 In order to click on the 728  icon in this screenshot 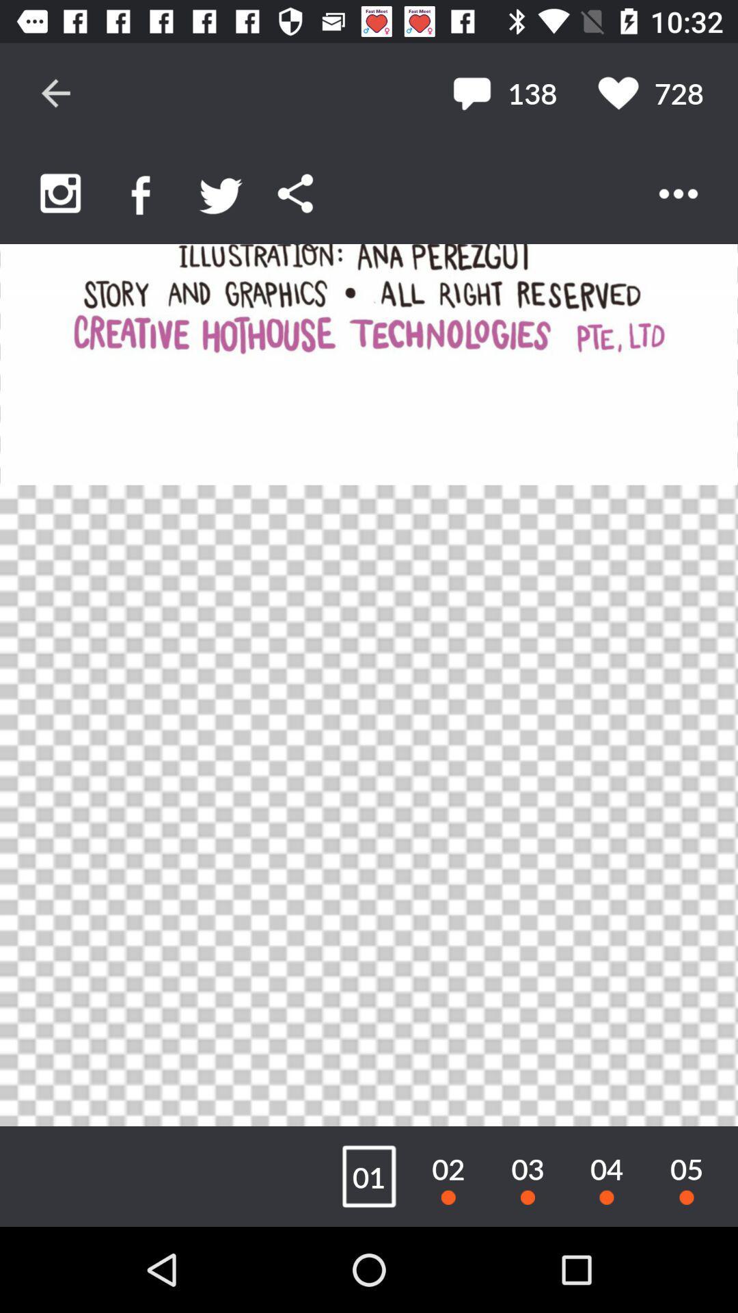, I will do `click(650, 92)`.